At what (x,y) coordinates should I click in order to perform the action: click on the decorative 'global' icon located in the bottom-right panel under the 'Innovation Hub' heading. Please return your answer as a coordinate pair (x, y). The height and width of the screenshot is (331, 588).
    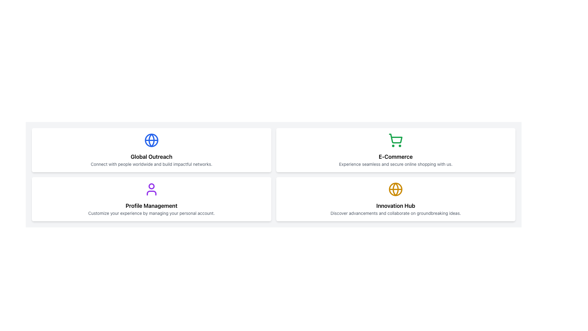
    Looking at the image, I should click on (396, 189).